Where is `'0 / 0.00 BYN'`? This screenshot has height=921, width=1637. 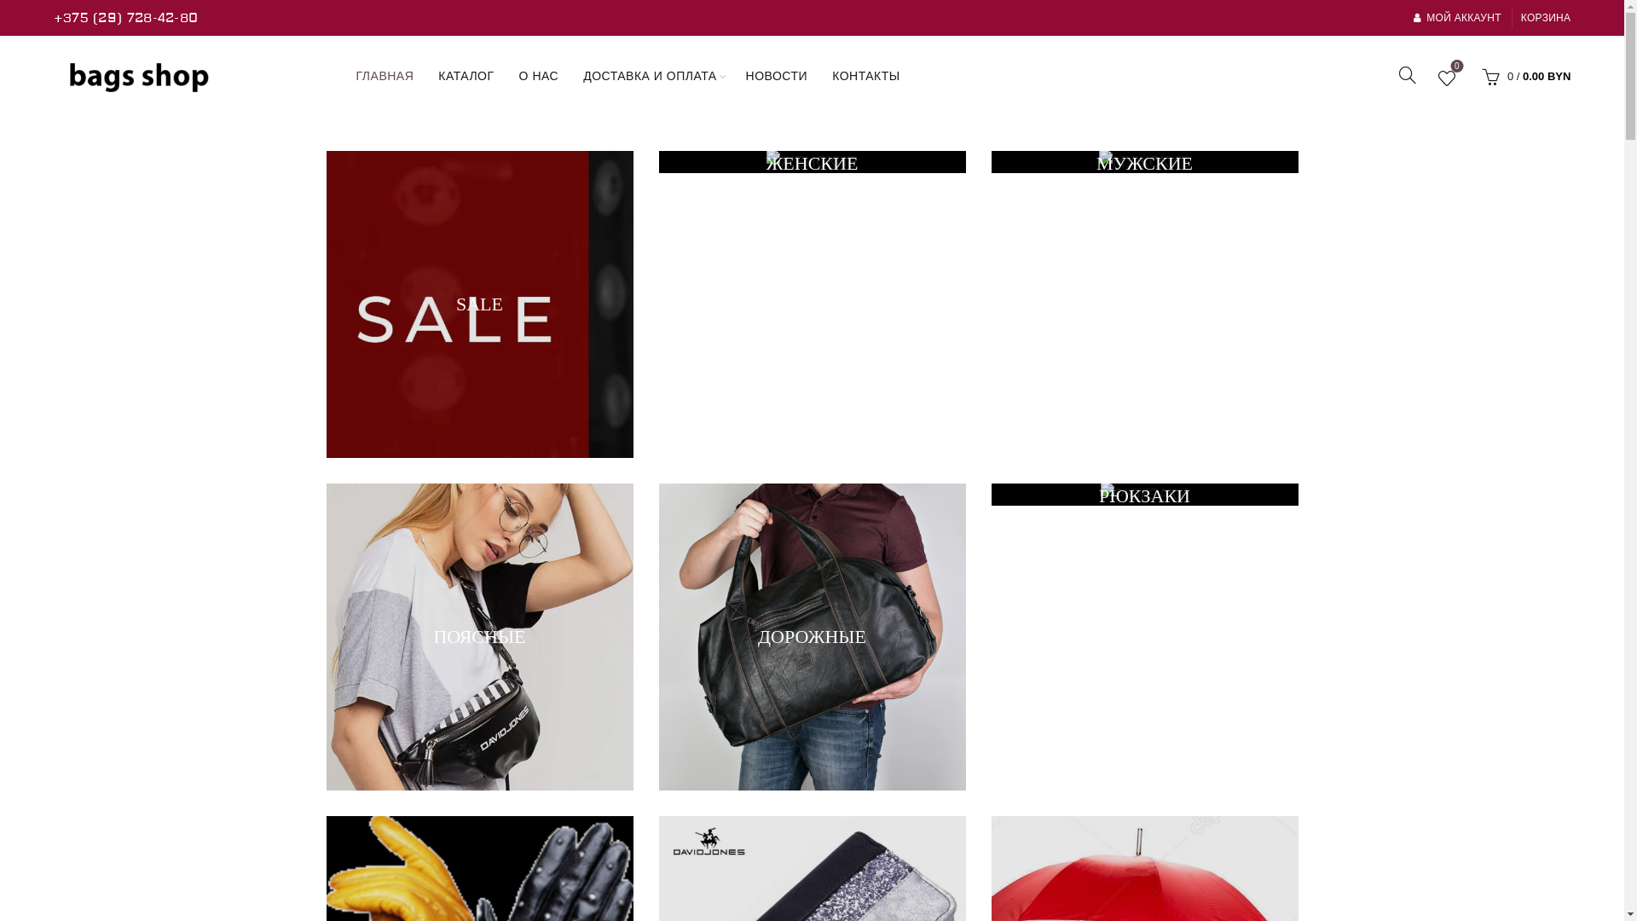
'0 / 0.00 BYN' is located at coordinates (1524, 74).